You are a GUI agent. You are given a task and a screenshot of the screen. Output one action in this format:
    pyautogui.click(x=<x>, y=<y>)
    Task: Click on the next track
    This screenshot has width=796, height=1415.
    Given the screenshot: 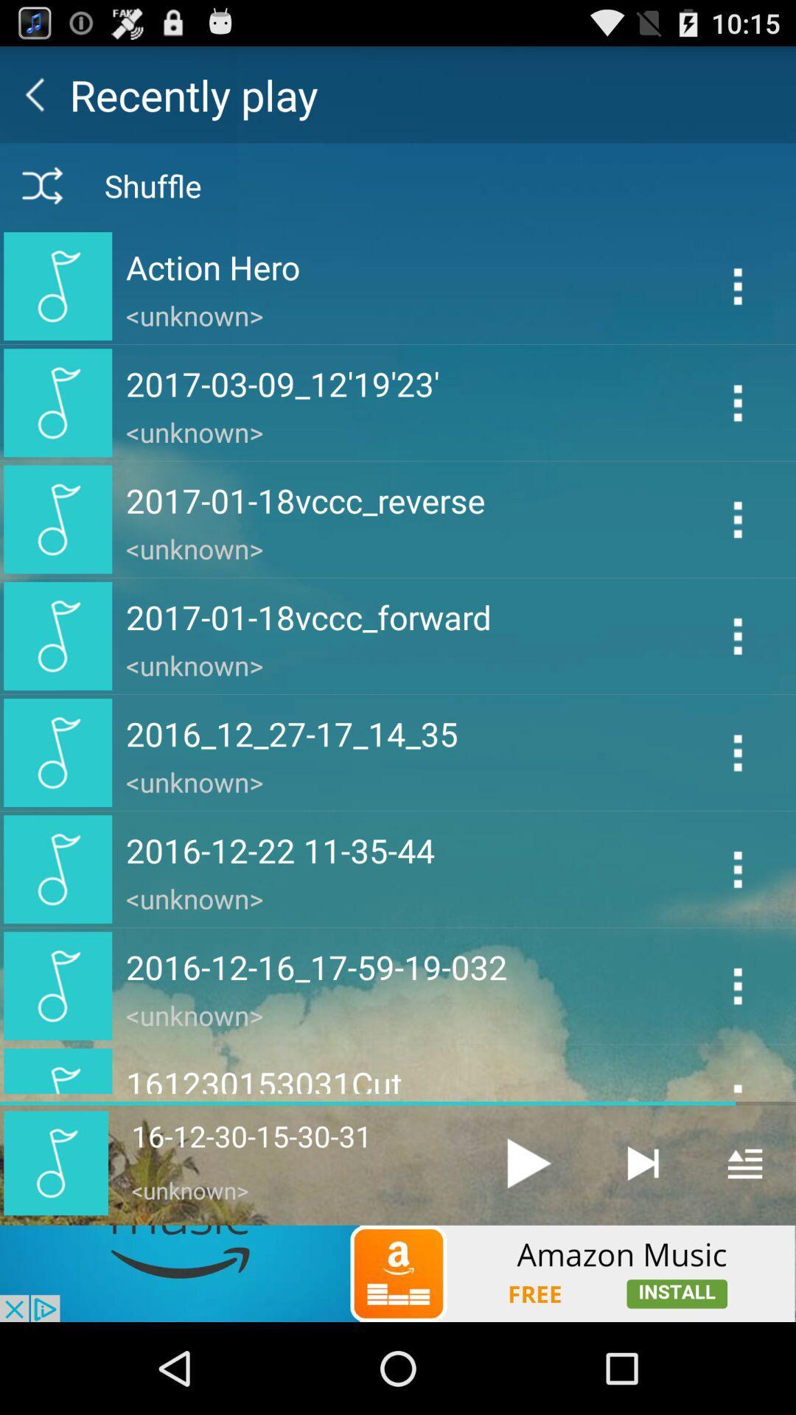 What is the action you would take?
    pyautogui.click(x=641, y=1162)
    